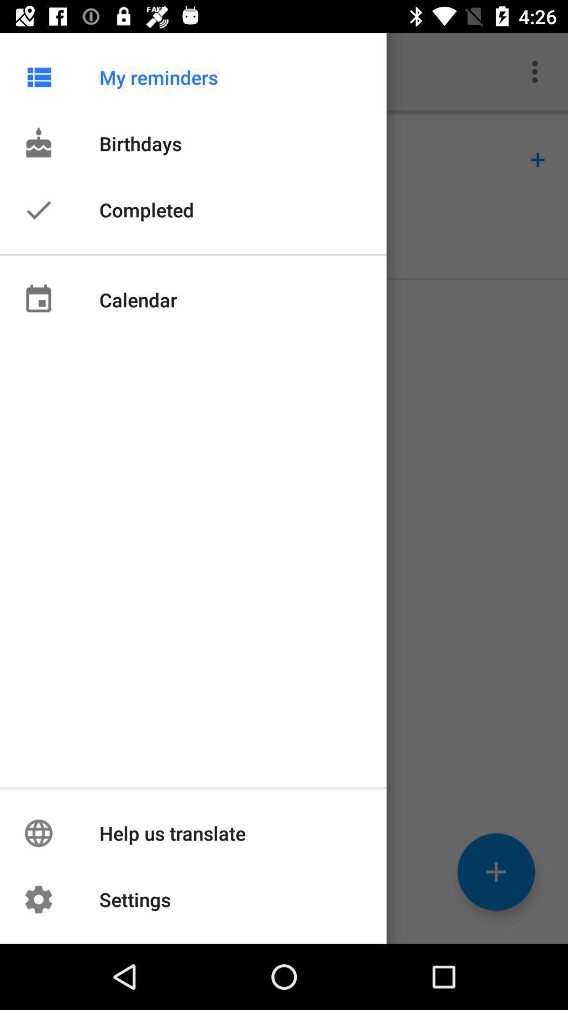 This screenshot has height=1010, width=568. What do you see at coordinates (496, 872) in the screenshot?
I see `the add icon` at bounding box center [496, 872].